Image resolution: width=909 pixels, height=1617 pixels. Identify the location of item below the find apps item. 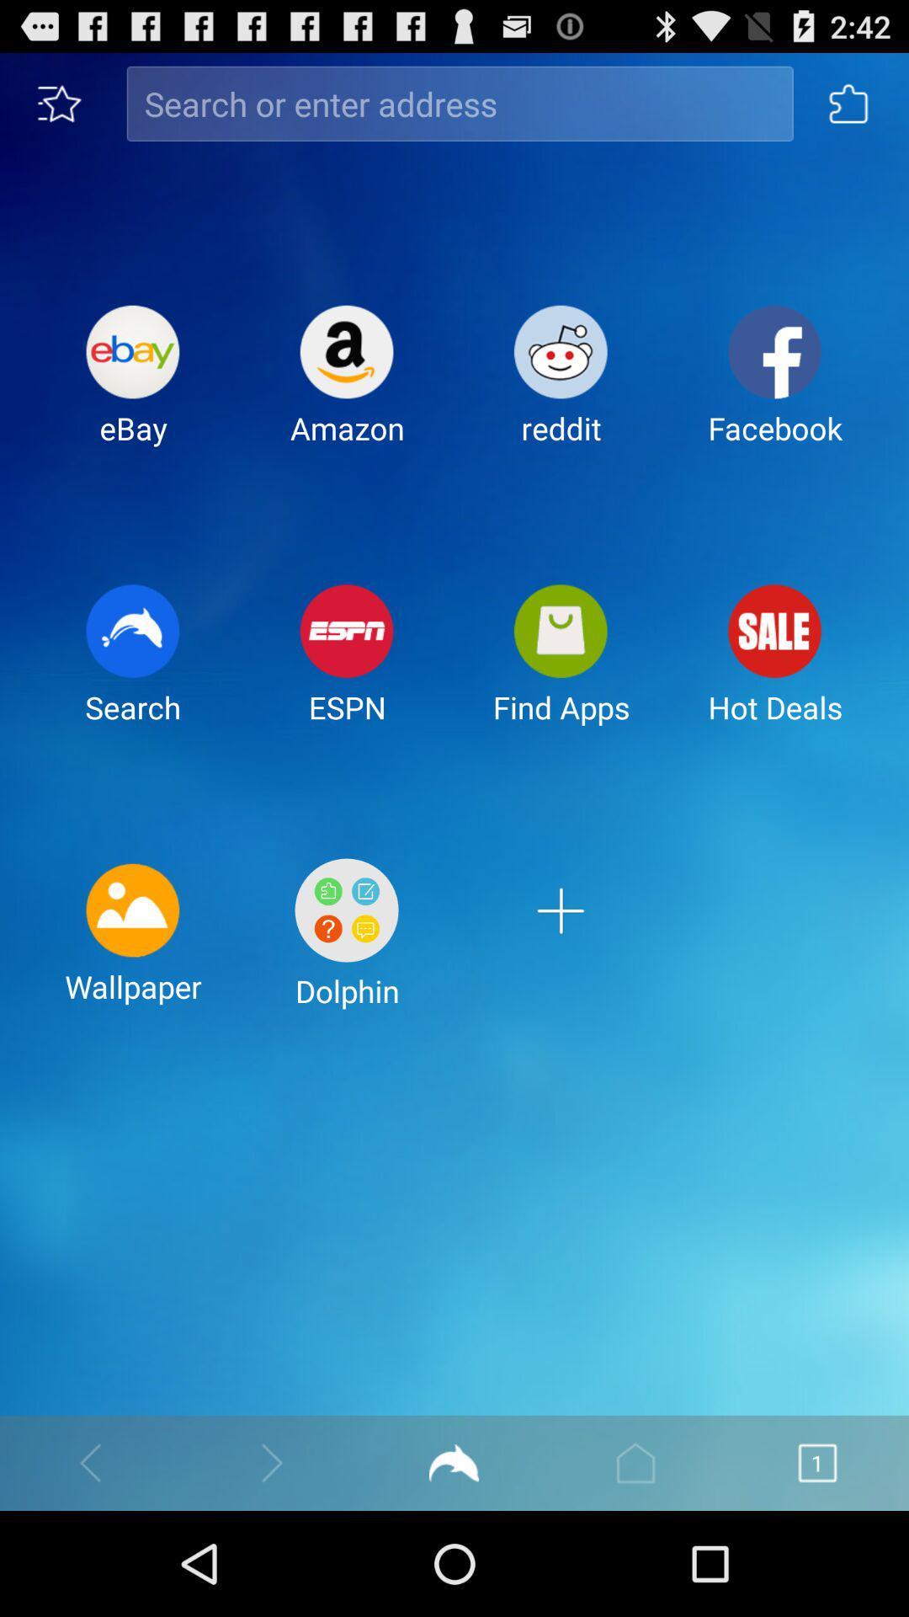
(561, 947).